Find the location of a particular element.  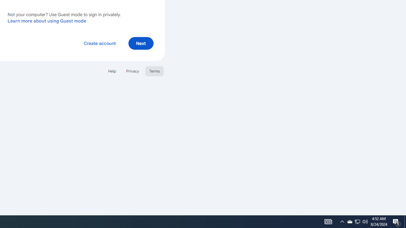

'Create account' is located at coordinates (99, 43).